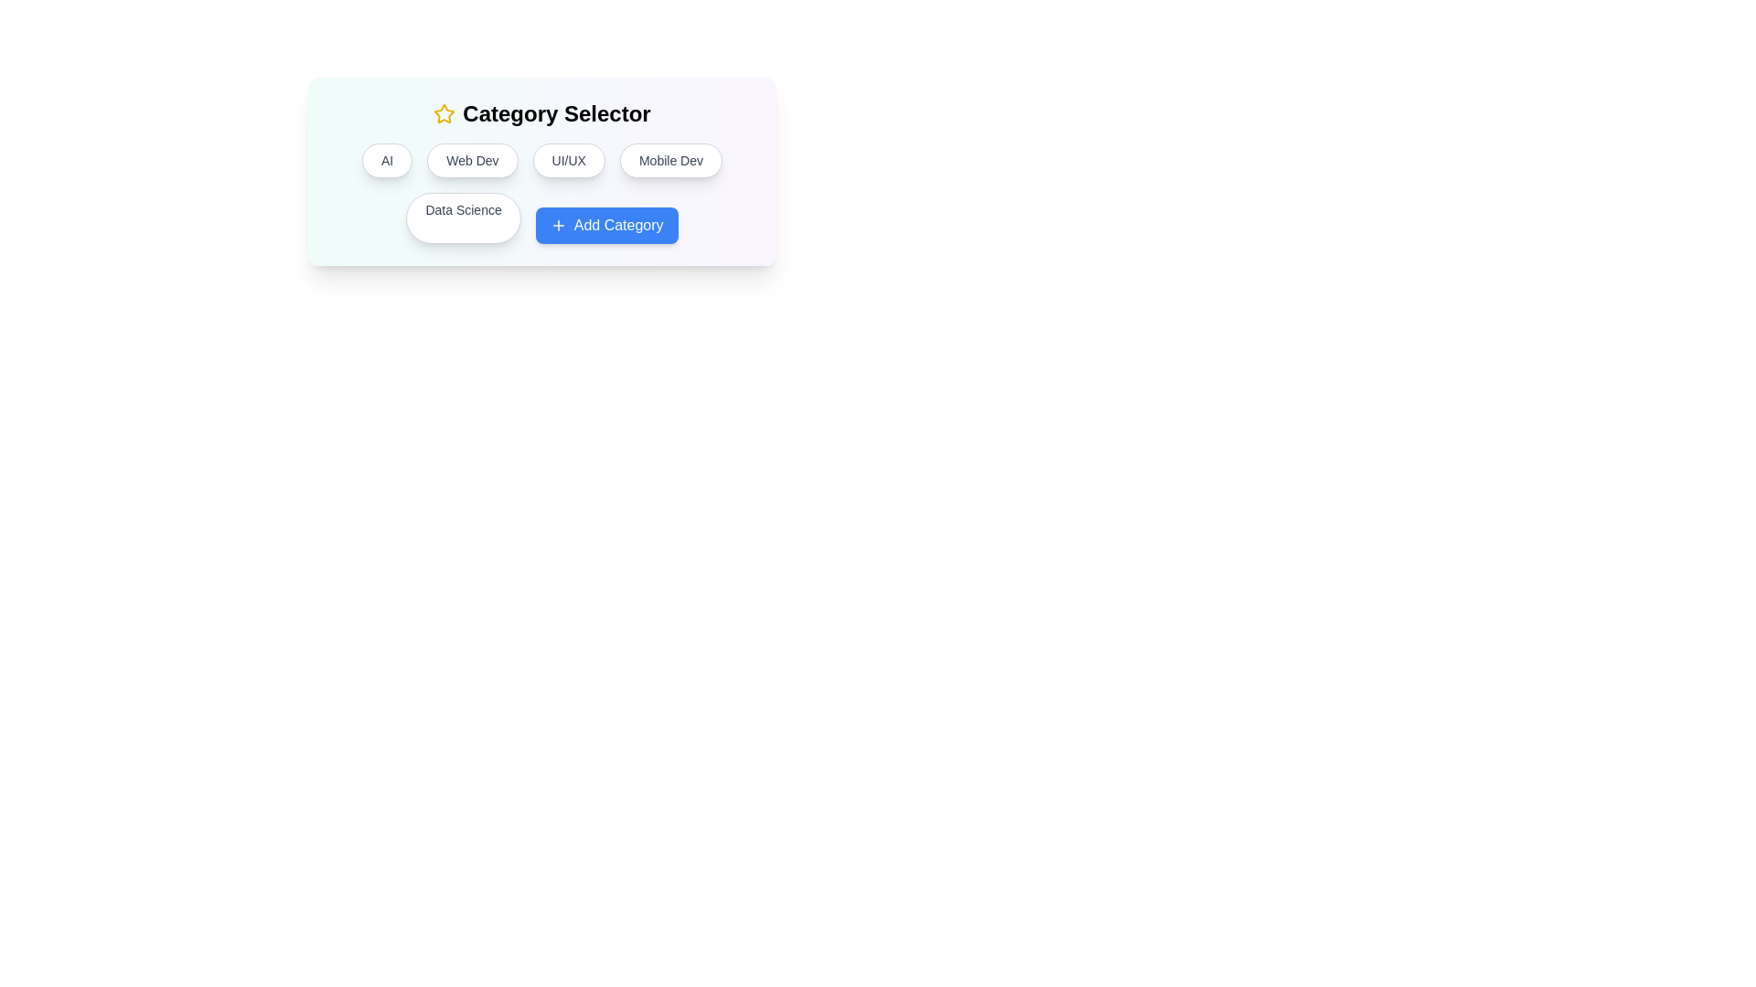 This screenshot has height=987, width=1756. I want to click on the category button labeled 'AI', so click(386, 160).